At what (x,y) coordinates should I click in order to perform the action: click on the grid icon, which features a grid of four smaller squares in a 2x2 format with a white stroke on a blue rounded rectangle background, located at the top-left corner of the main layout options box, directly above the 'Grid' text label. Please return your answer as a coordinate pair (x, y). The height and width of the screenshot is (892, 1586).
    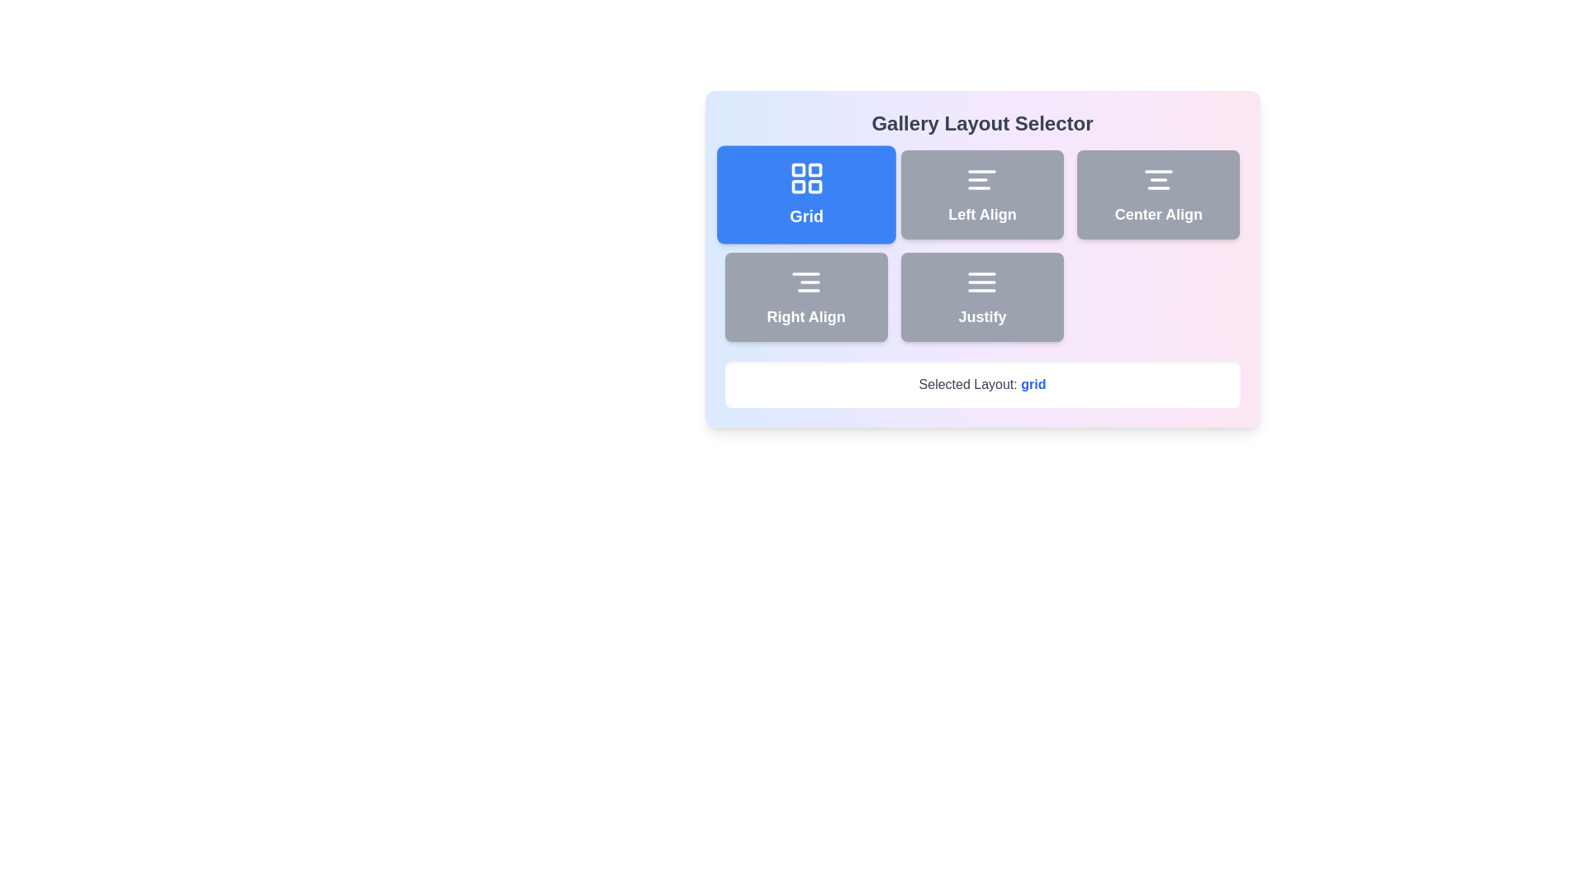
    Looking at the image, I should click on (806, 178).